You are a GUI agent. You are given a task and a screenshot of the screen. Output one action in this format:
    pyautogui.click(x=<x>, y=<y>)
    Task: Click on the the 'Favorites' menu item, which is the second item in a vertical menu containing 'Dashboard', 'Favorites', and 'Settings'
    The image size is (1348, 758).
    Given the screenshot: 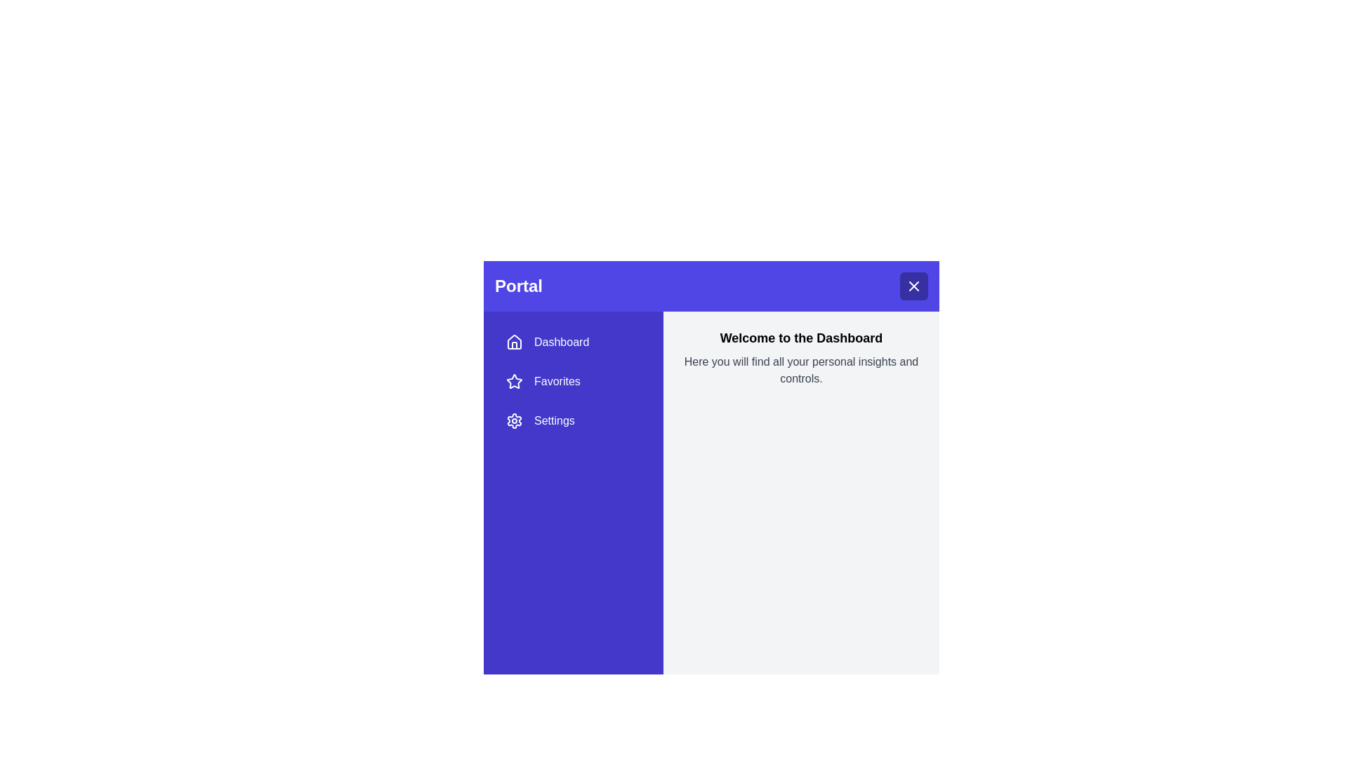 What is the action you would take?
    pyautogui.click(x=573, y=381)
    